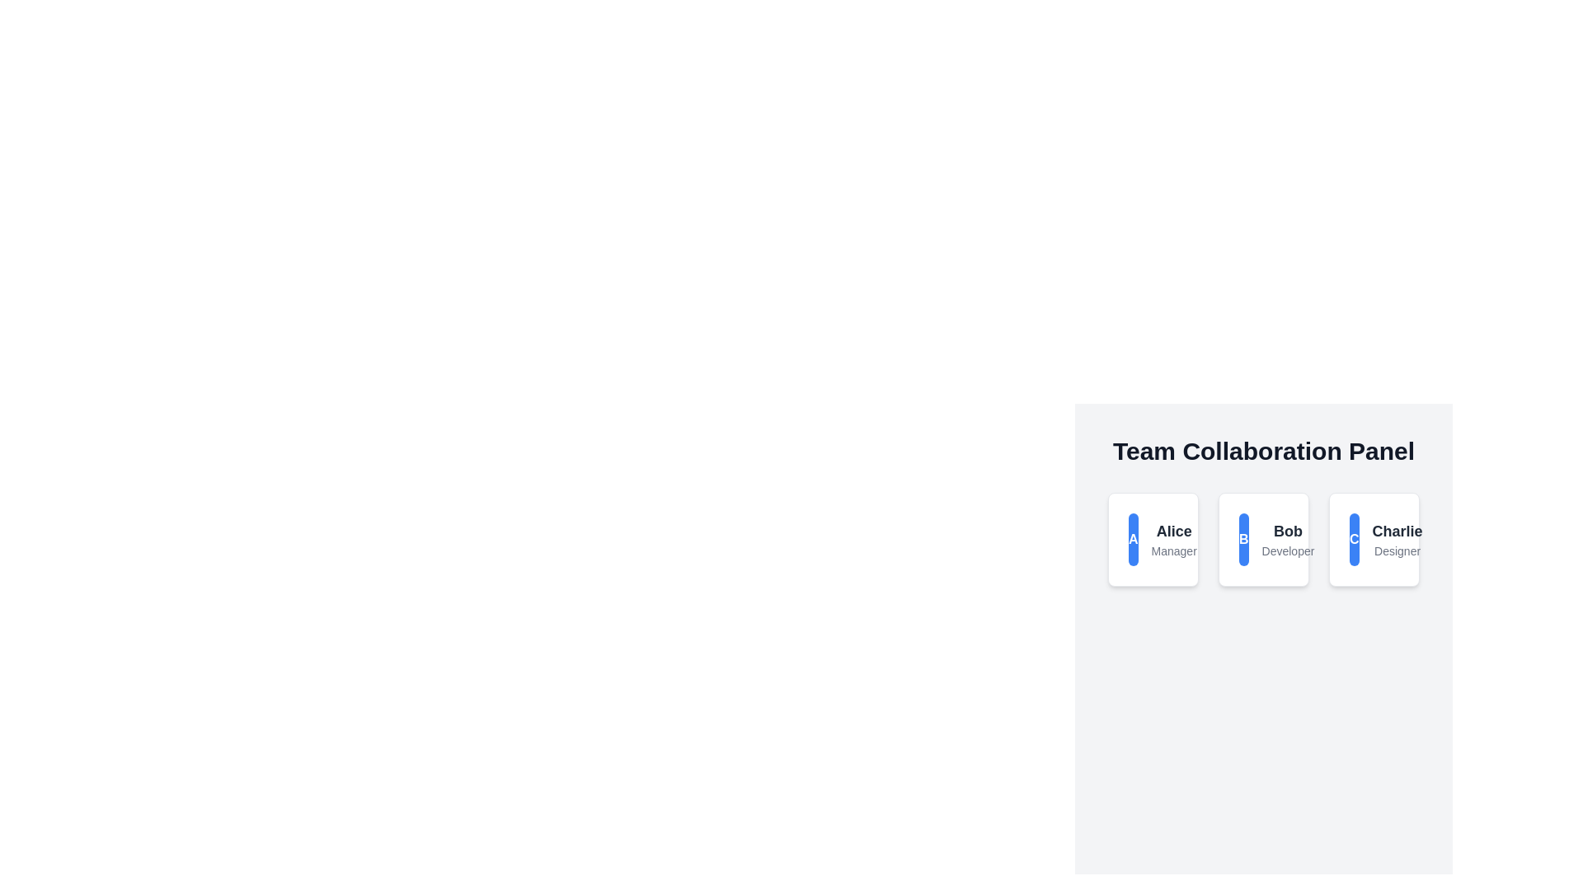 The height and width of the screenshot is (890, 1583). Describe the element at coordinates (1287, 550) in the screenshot. I see `the text label indicating the user's role as 'Developer', which is located beneath the name 'Bob' in the user profile card` at that location.